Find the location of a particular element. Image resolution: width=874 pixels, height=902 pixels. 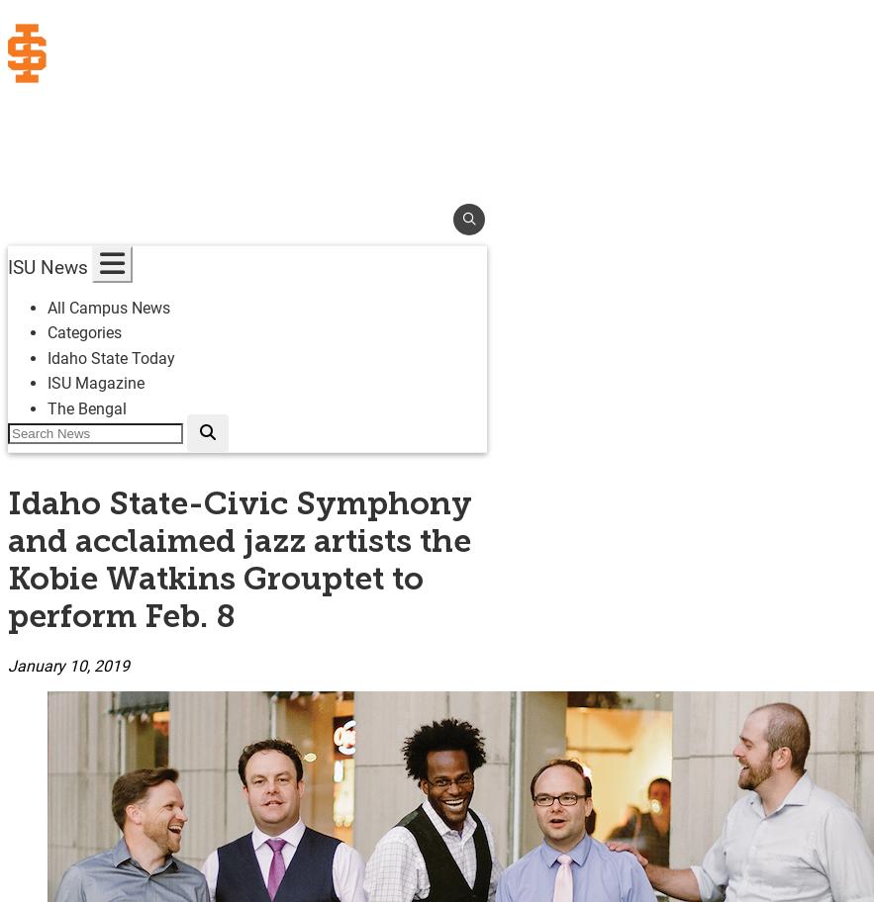

'Resources' is located at coordinates (58, 519).